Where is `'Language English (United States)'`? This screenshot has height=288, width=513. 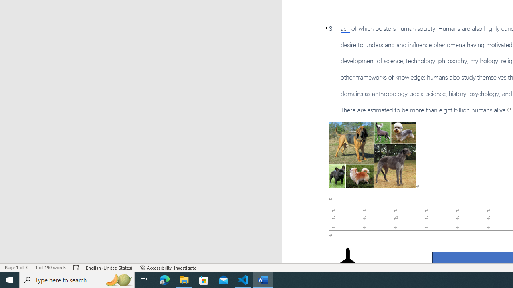
'Language English (United States)' is located at coordinates (109, 268).